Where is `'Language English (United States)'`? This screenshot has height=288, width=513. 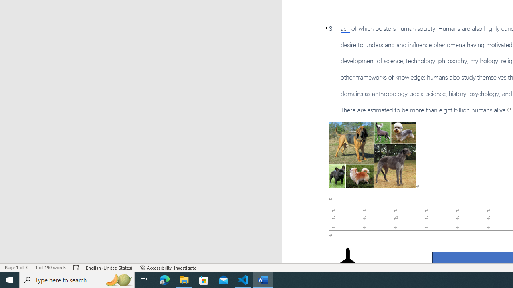
'Language English (United States)' is located at coordinates (109, 268).